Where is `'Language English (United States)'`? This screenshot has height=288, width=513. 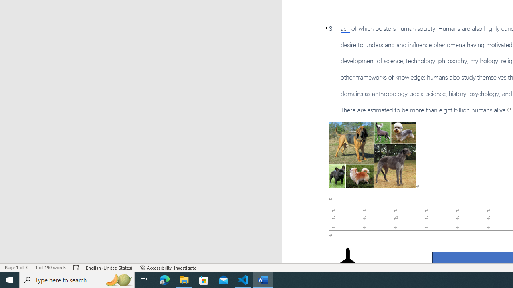
'Language English (United States)' is located at coordinates (109, 268).